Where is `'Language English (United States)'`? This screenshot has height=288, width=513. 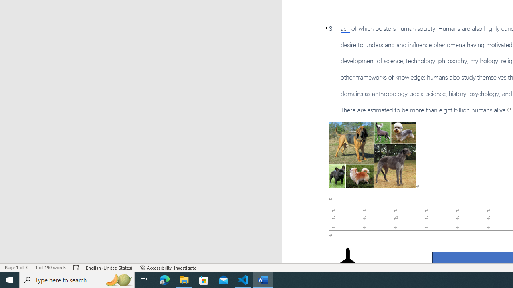
'Language English (United States)' is located at coordinates (109, 268).